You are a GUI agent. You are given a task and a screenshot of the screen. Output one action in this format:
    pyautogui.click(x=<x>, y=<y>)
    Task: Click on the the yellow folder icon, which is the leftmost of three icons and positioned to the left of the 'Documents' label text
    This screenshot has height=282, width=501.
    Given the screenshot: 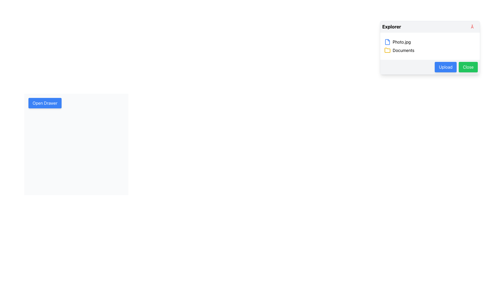 What is the action you would take?
    pyautogui.click(x=387, y=50)
    